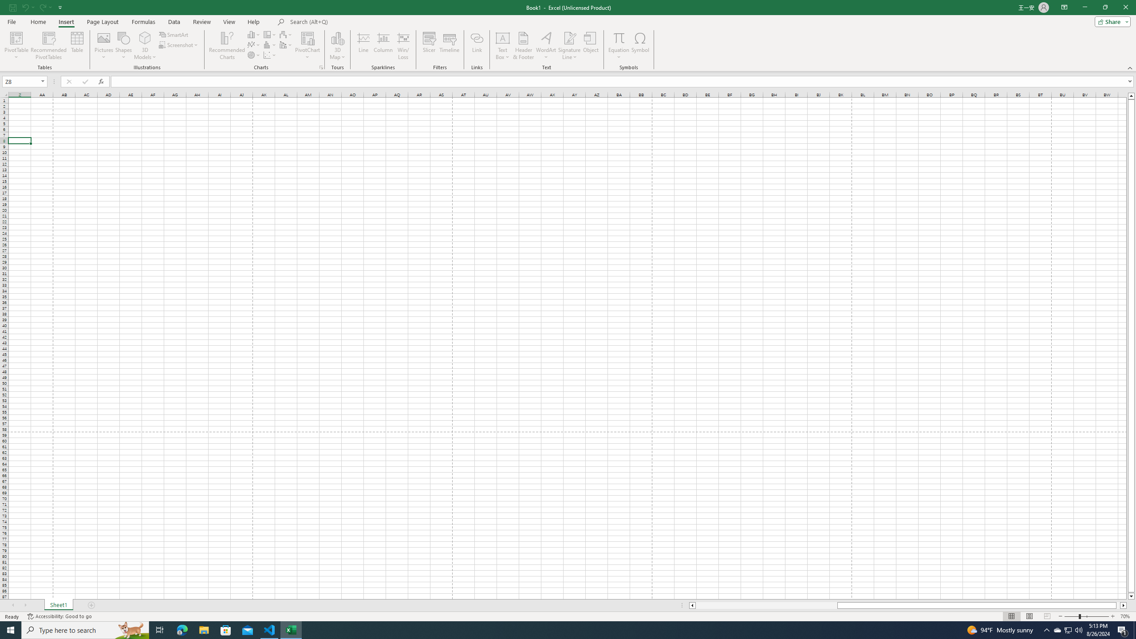 This screenshot has width=1136, height=639. Describe the element at coordinates (286, 34) in the screenshot. I see `'Insert Waterfall, Funnel, Stock, Surface, or Radar Chart'` at that location.